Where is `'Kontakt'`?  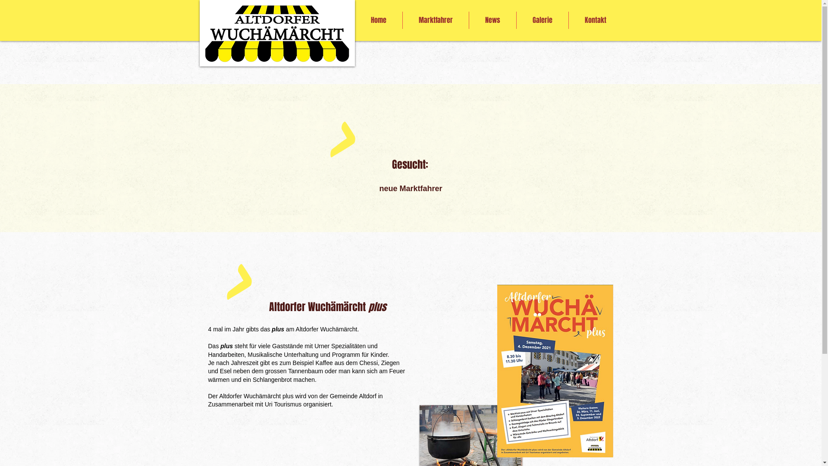 'Kontakt' is located at coordinates (595, 19).